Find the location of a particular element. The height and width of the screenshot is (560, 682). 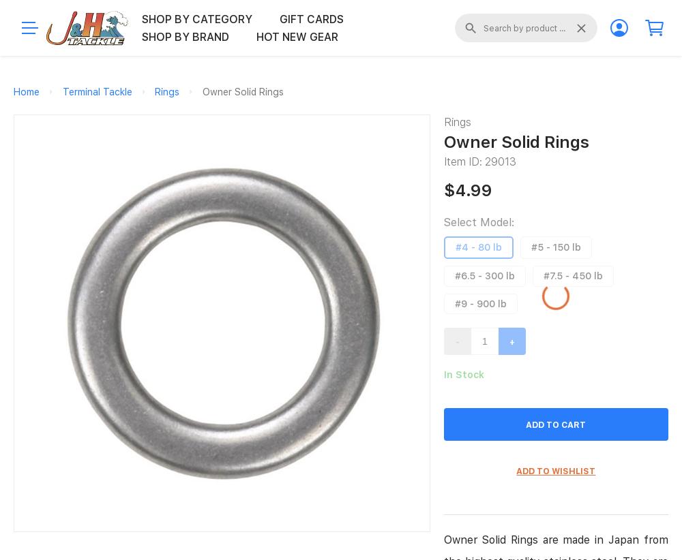

'#7.5 - 450 lb' is located at coordinates (572, 275).